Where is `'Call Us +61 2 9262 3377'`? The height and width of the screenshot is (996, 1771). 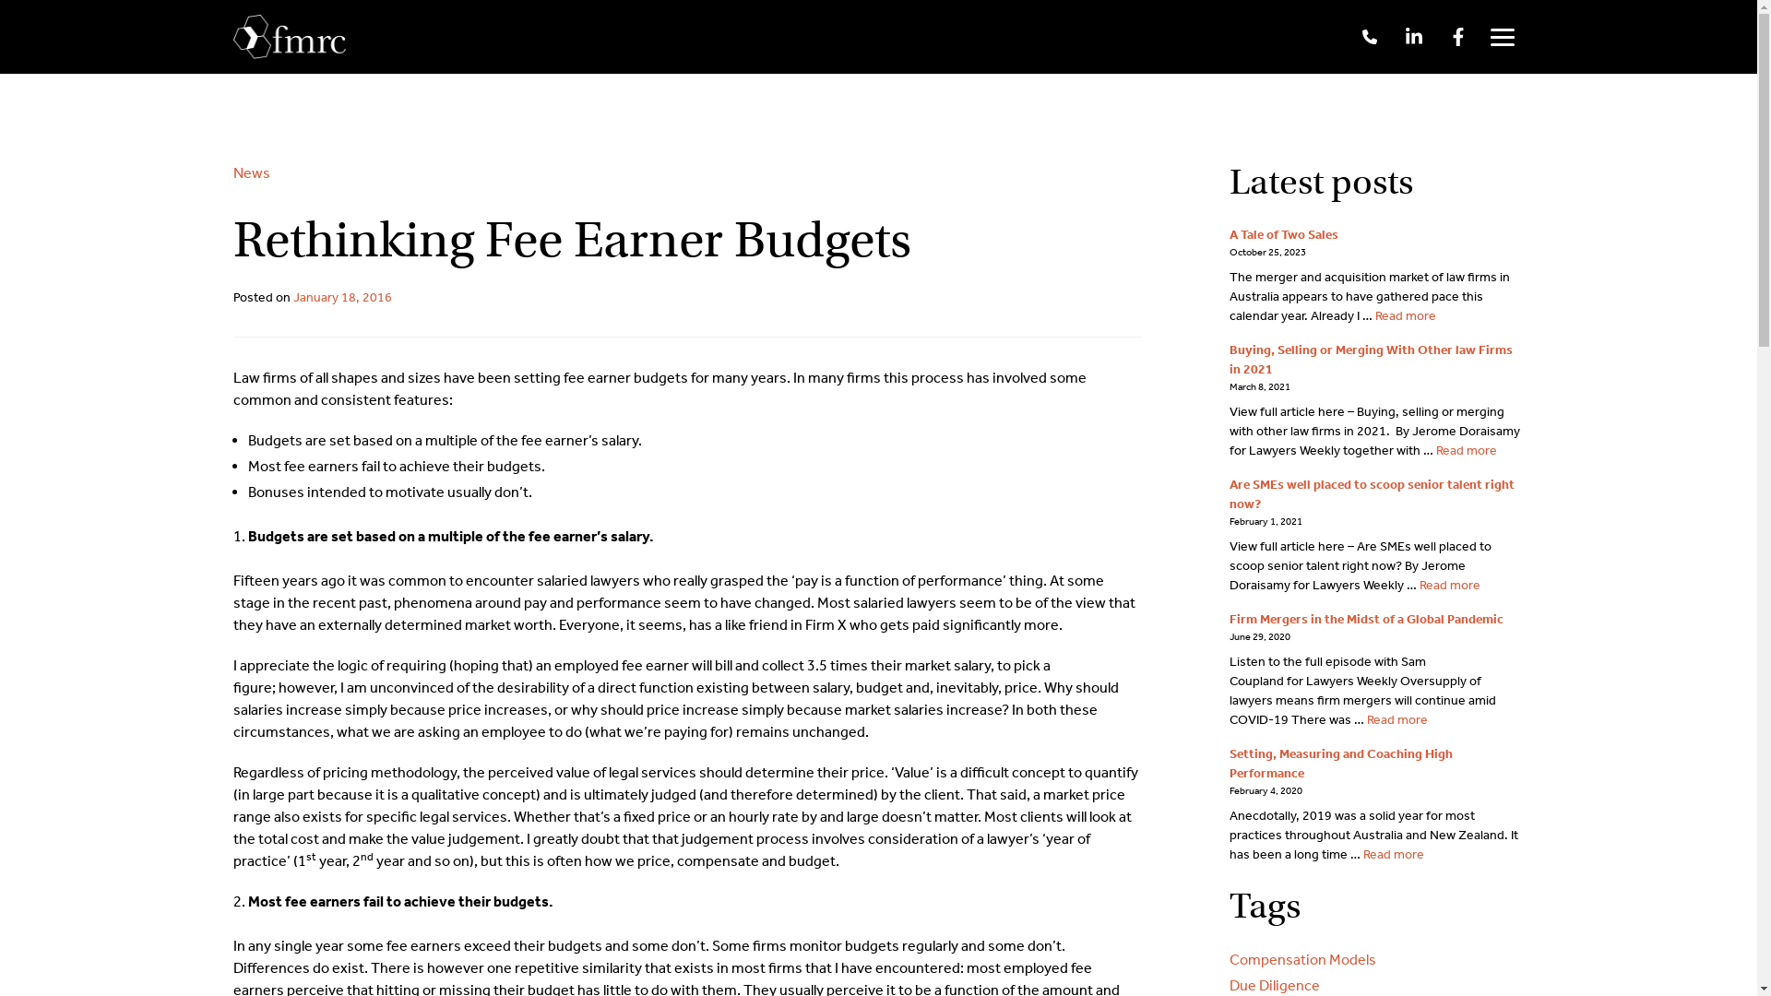 'Call Us +61 2 9262 3377' is located at coordinates (1368, 36).